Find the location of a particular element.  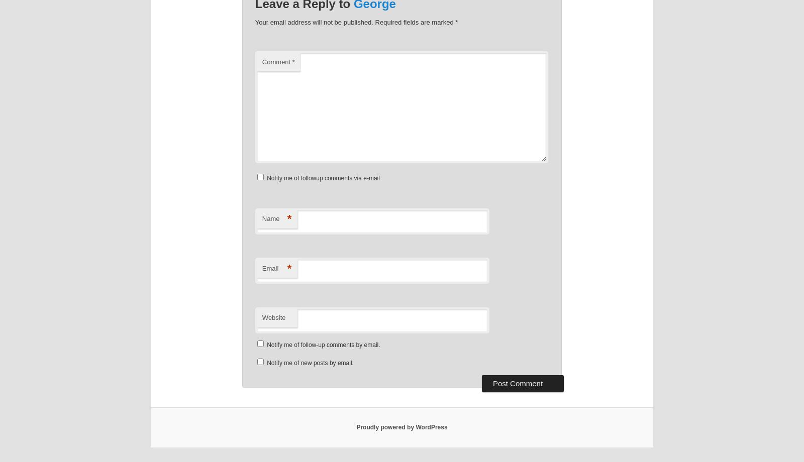

'Name' is located at coordinates (270, 218).